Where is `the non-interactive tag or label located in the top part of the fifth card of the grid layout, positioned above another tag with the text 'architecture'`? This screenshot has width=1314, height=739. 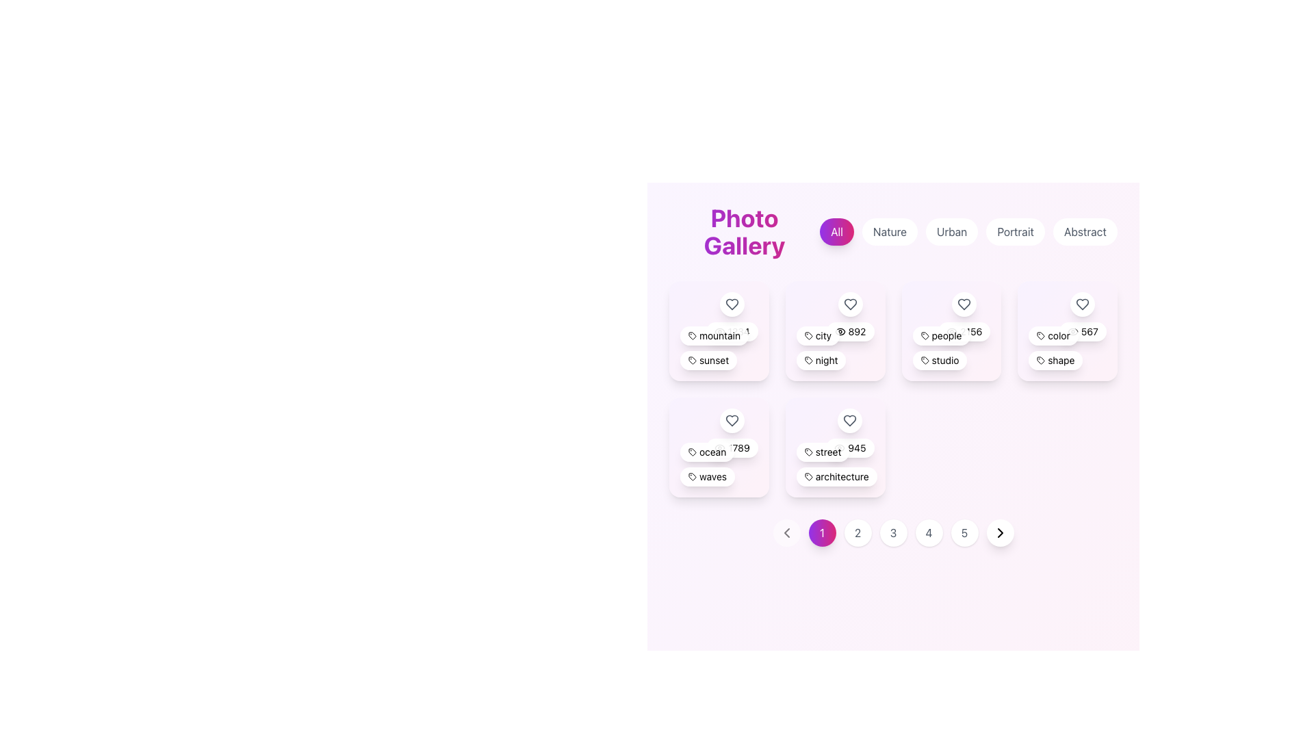
the non-interactive tag or label located in the top part of the fifth card of the grid layout, positioned above another tag with the text 'architecture' is located at coordinates (822, 452).